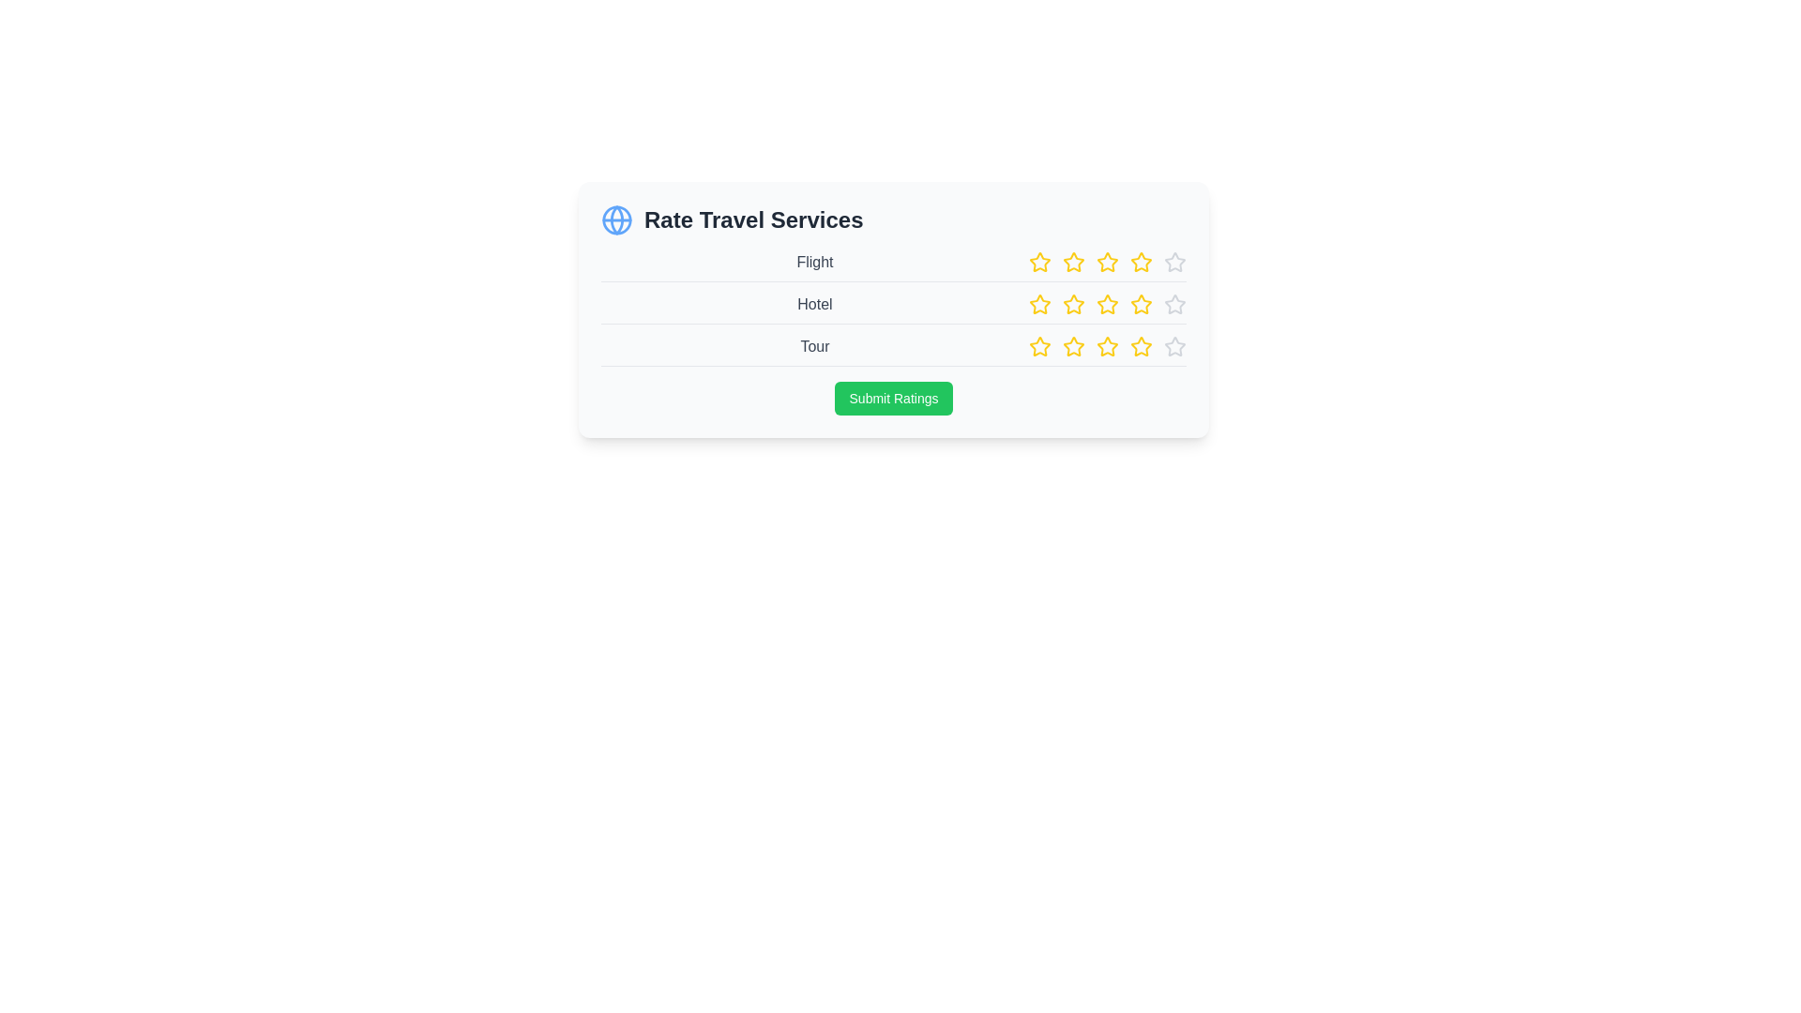  What do you see at coordinates (1107, 303) in the screenshot?
I see `on the third star icon in the Hotel rating section, which is styled in a yellow hue and located prominently among a sequence of similar stars` at bounding box center [1107, 303].